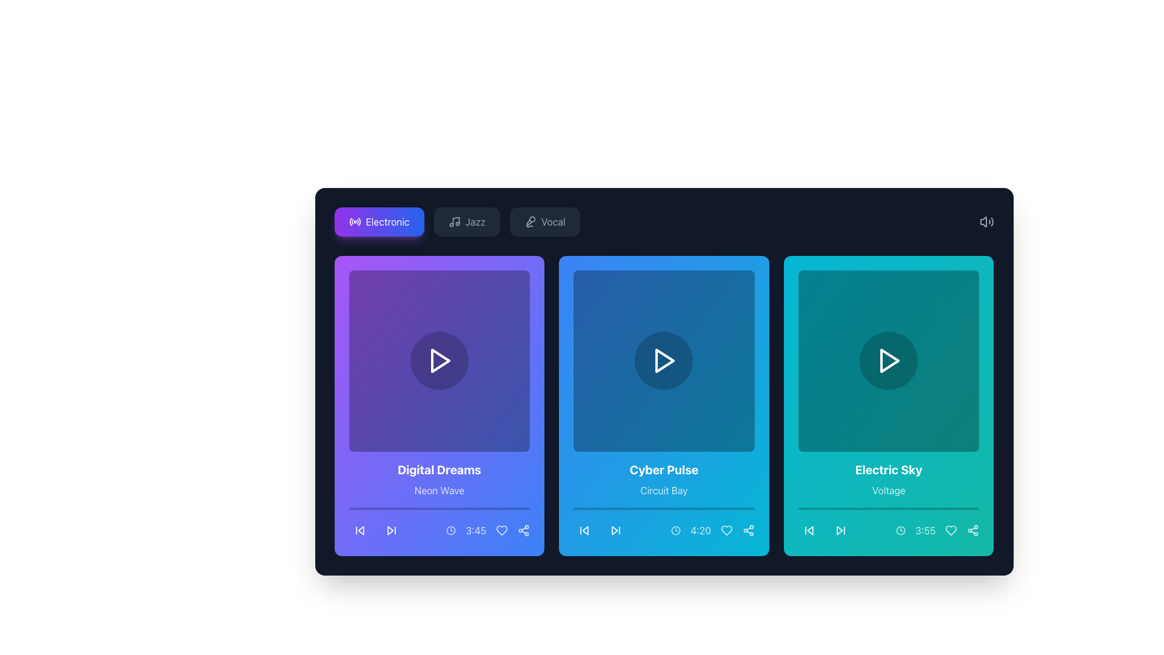 The width and height of the screenshot is (1164, 655). What do you see at coordinates (840, 529) in the screenshot?
I see `the 'skip to next track' button located in the media controls section of the 'Electric Sky' tile` at bounding box center [840, 529].